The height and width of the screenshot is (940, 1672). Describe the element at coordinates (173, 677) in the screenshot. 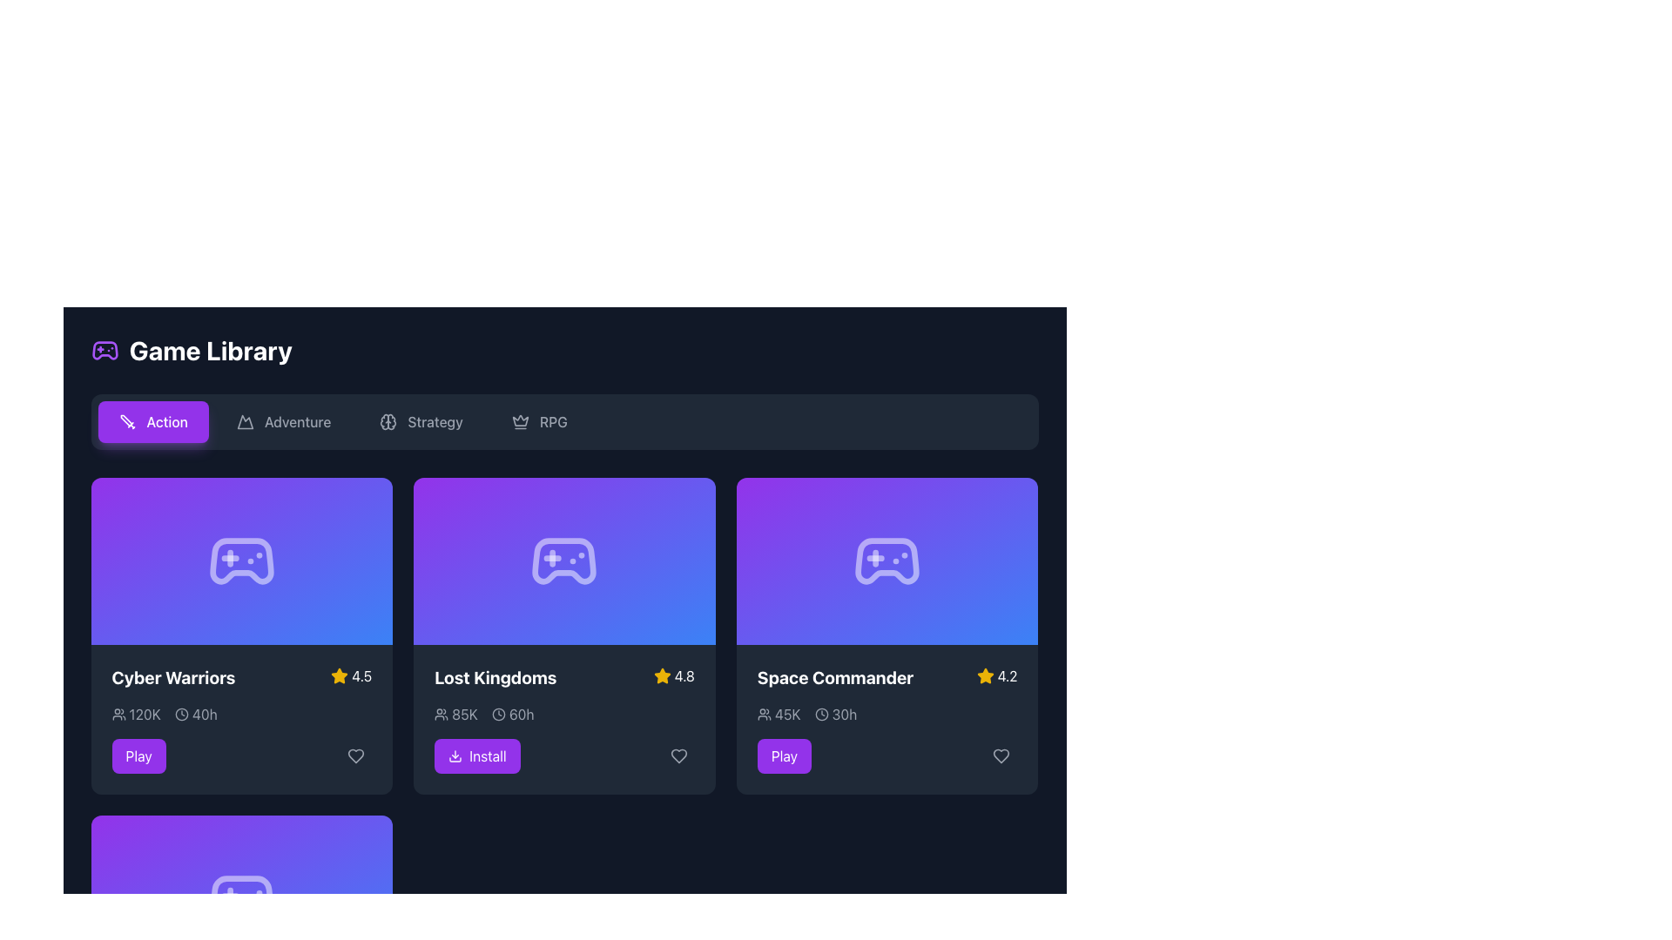

I see `the bold white text element displaying the title 'Cyber Warriors' in the upper-left segment of the game card for navigation or selection` at that location.